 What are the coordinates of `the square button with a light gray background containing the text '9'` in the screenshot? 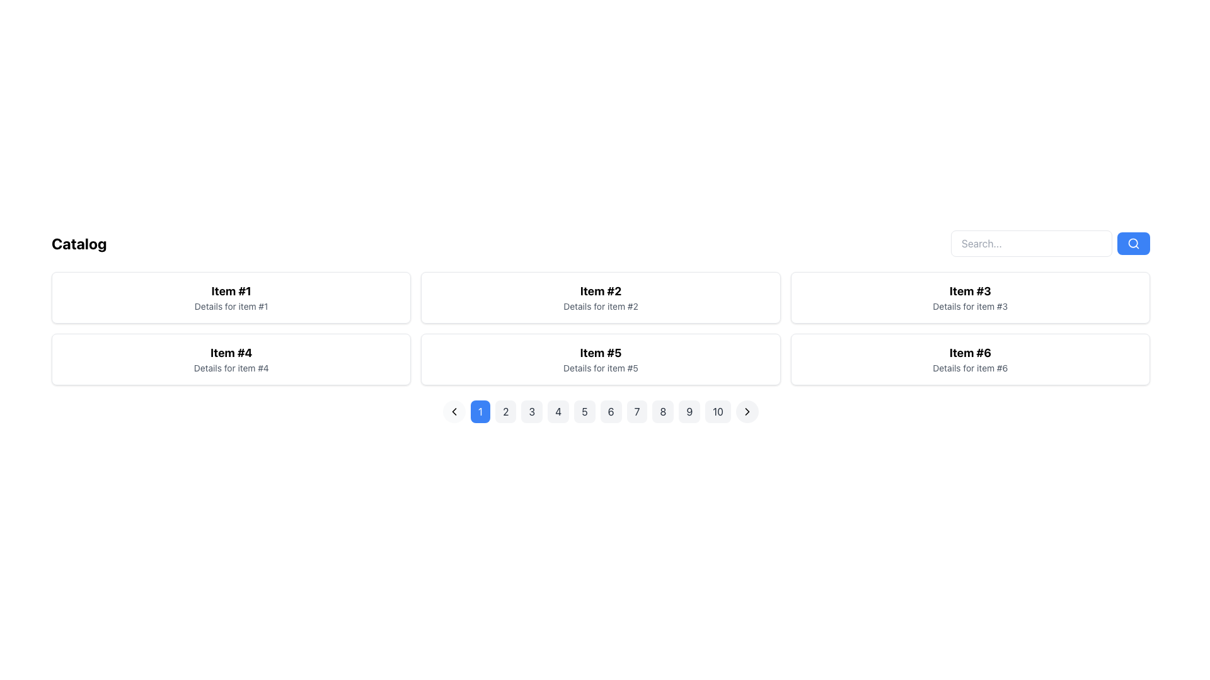 It's located at (689, 412).